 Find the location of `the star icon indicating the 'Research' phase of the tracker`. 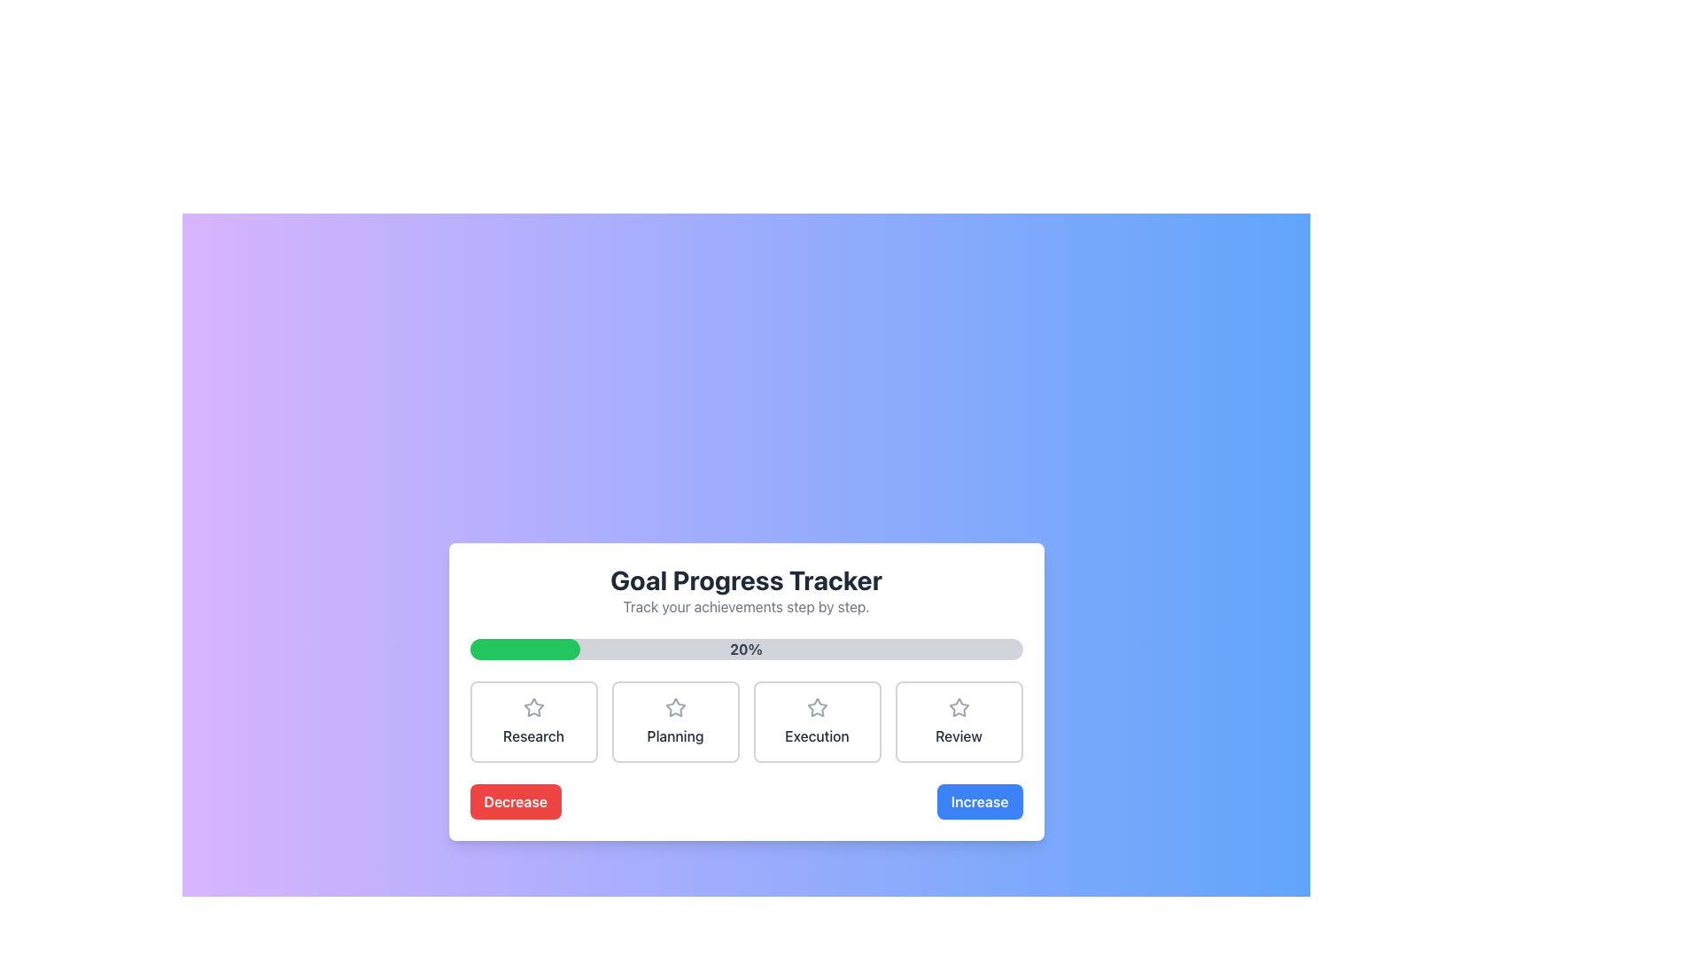

the star icon indicating the 'Research' phase of the tracker is located at coordinates (532, 706).